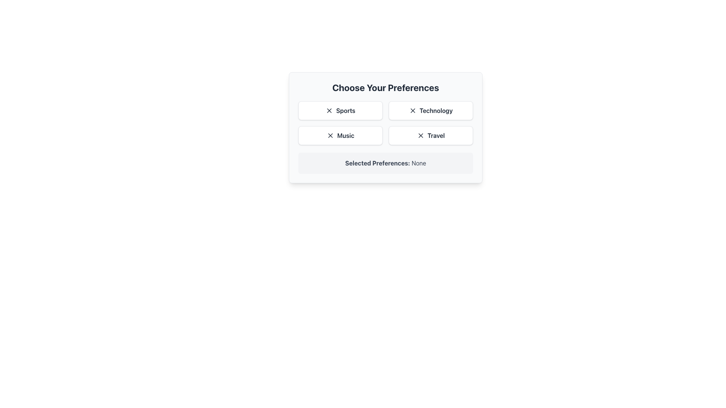 Image resolution: width=726 pixels, height=408 pixels. Describe the element at coordinates (340, 111) in the screenshot. I see `the 'Sports' button, which is a rounded rectangular button with a white background and gray text, located in the 'Choose Your Preferences' grid layout` at that location.